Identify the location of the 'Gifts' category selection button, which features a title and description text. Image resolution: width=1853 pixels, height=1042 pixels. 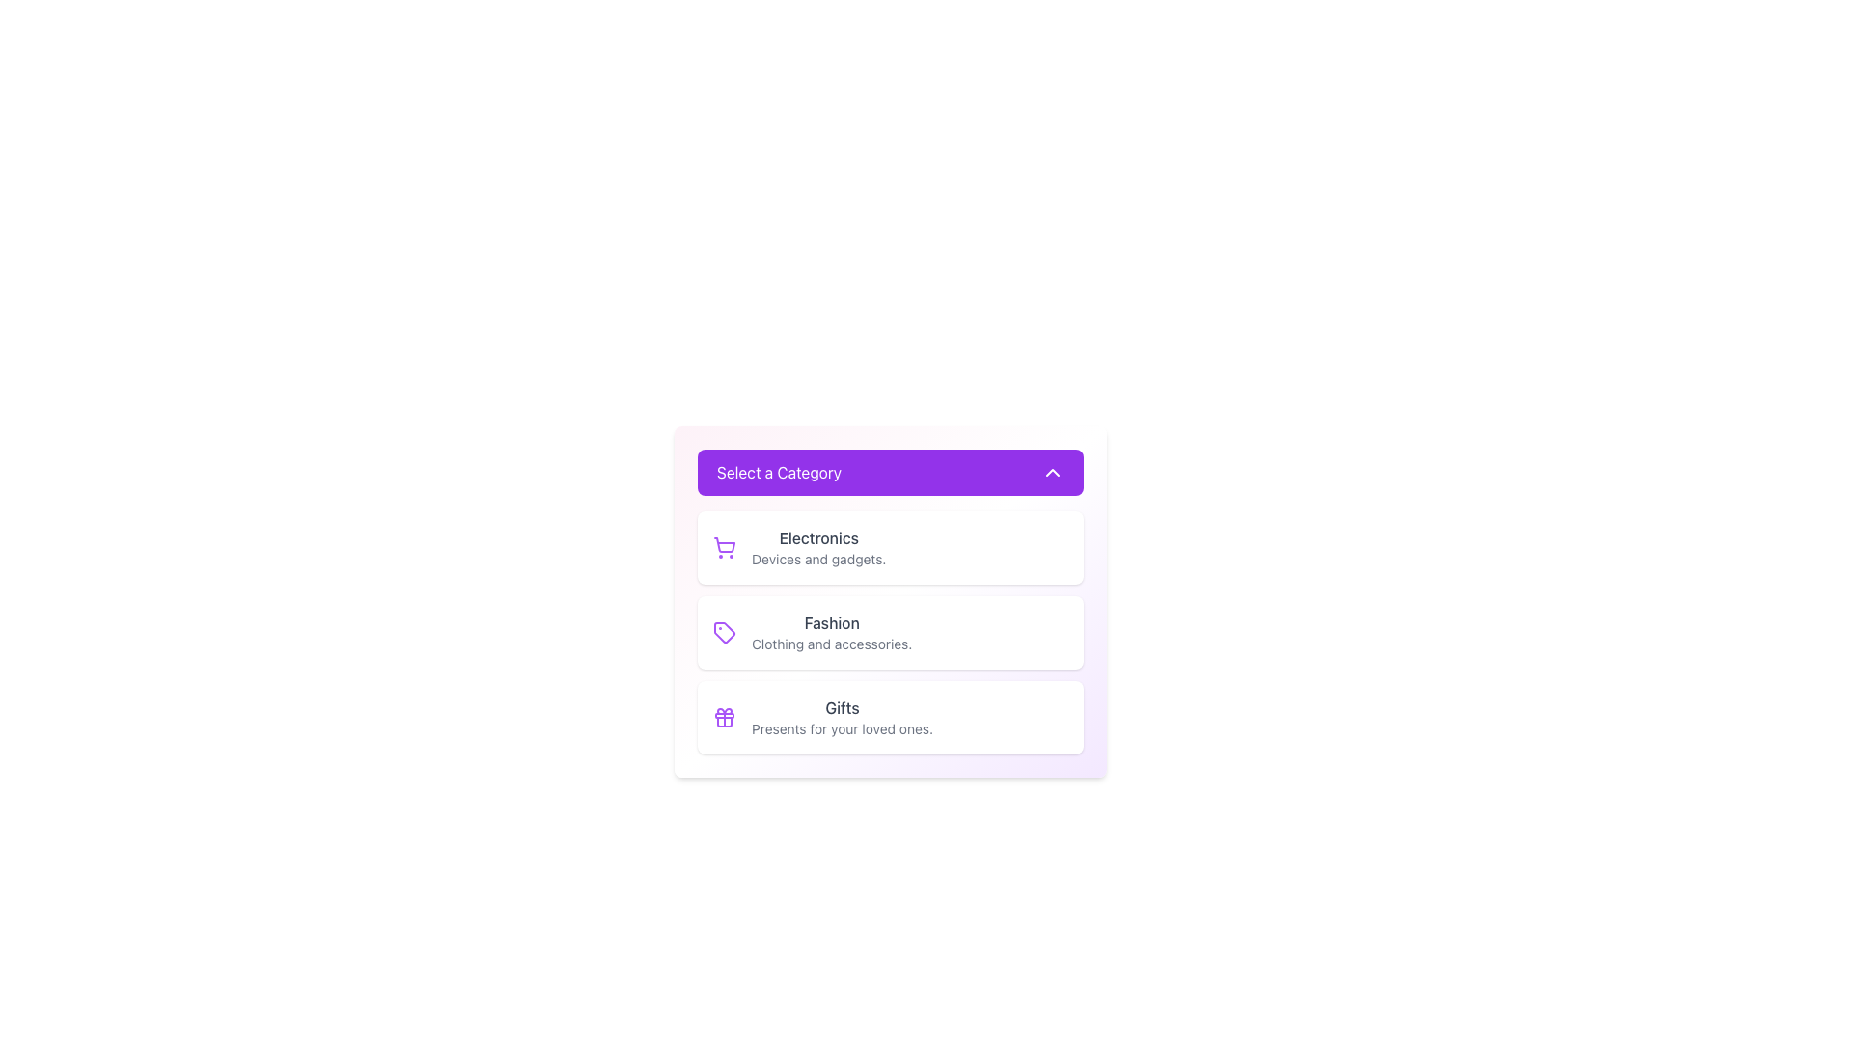
(843, 718).